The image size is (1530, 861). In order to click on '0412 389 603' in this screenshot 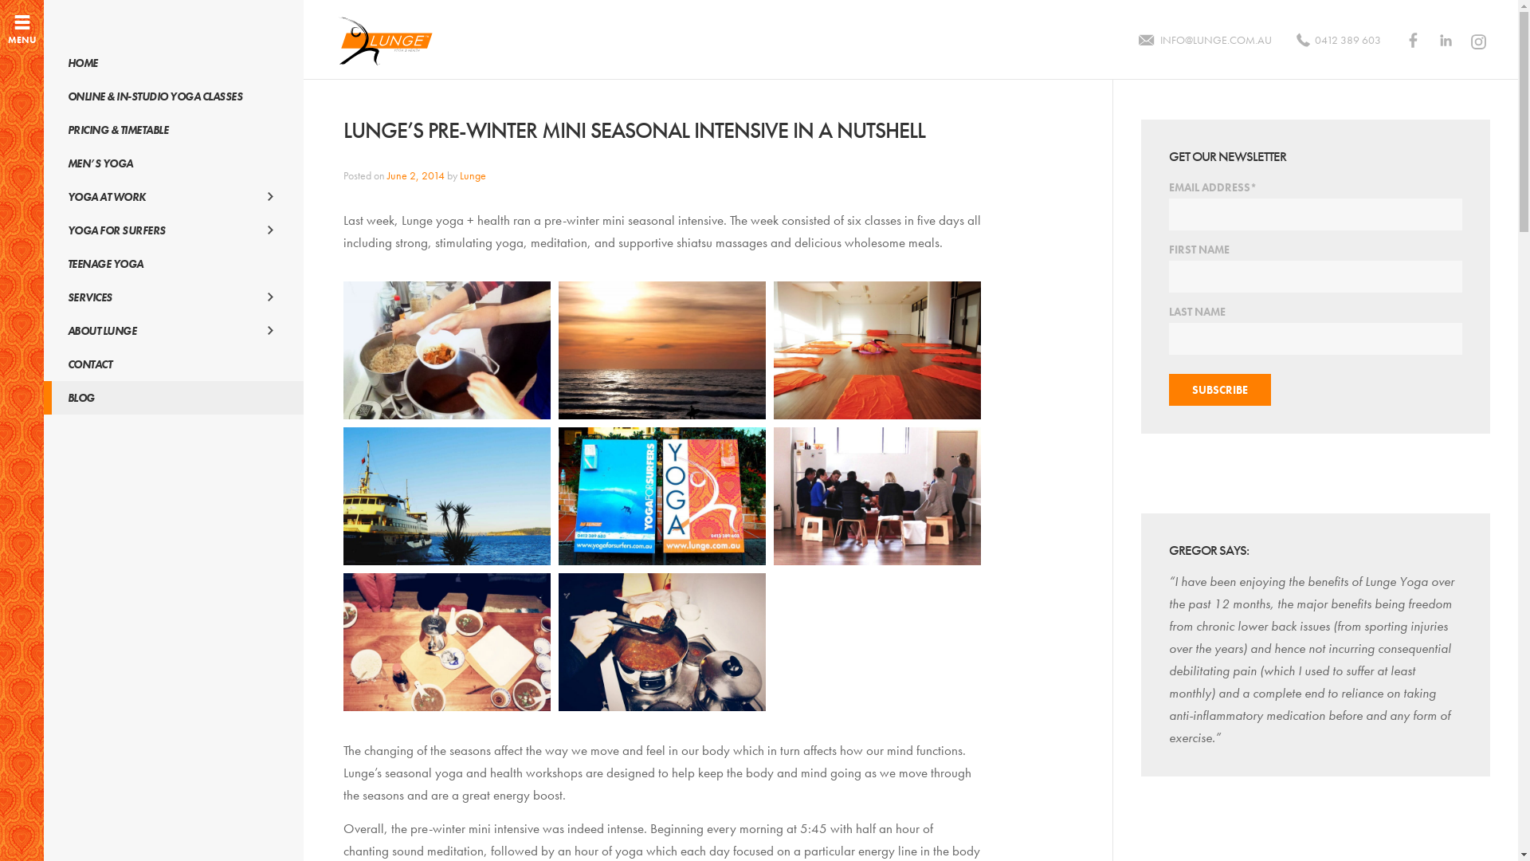, I will do `click(1293, 39)`.